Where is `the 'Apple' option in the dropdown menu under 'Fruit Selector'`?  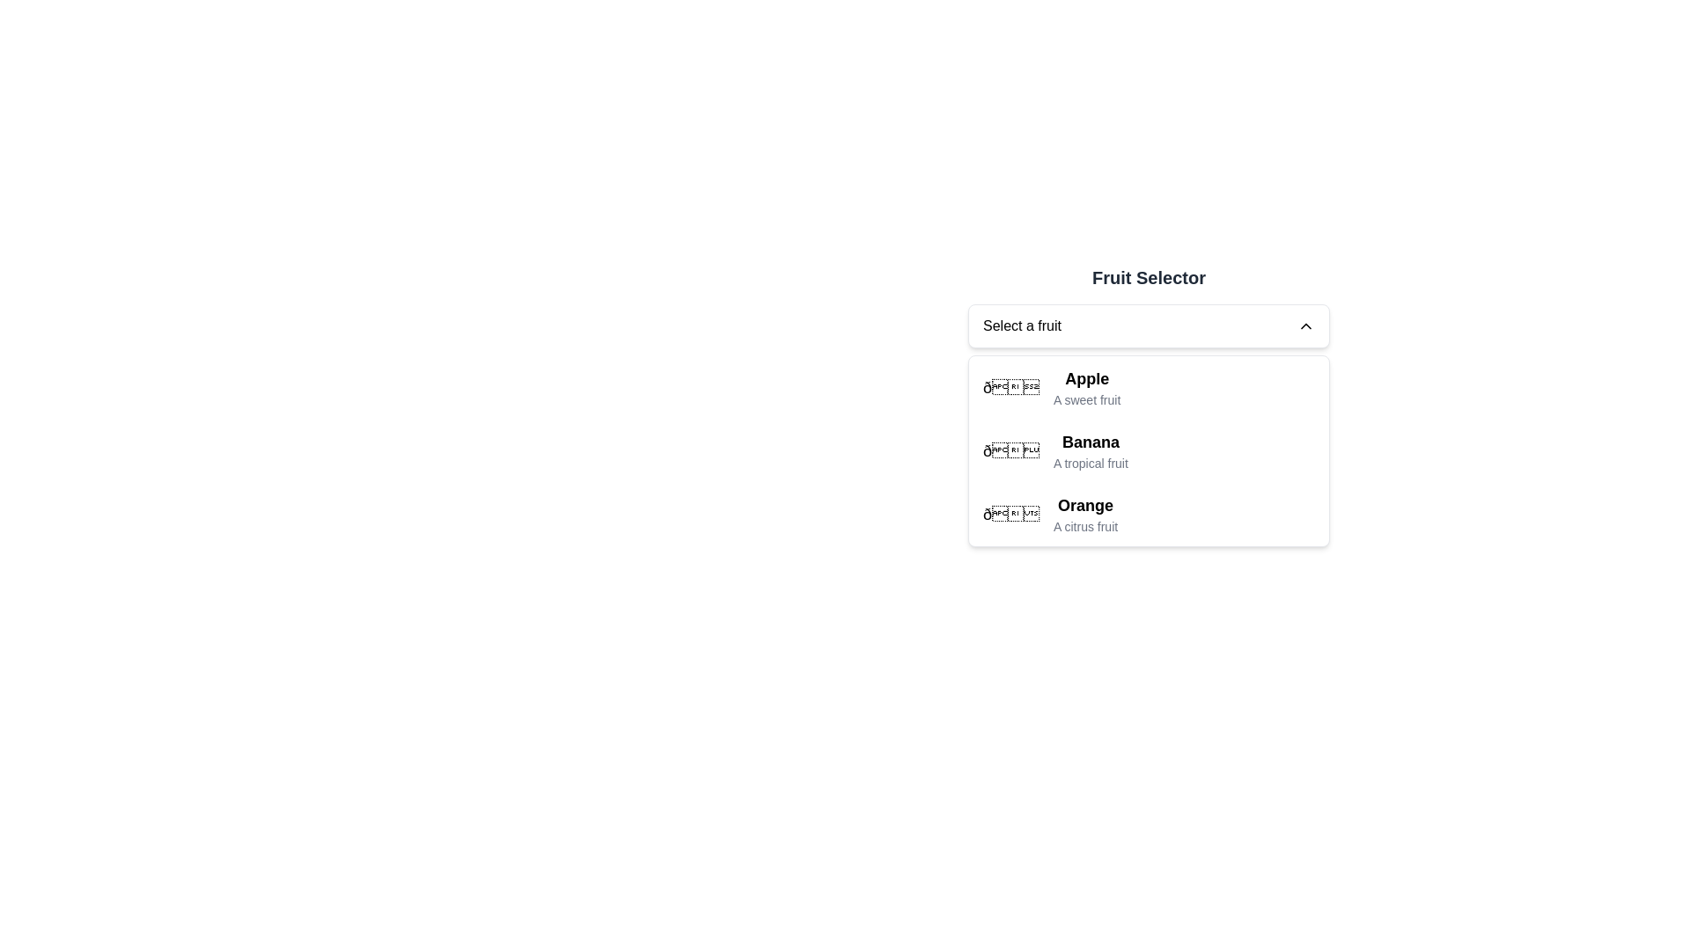 the 'Apple' option in the dropdown menu under 'Fruit Selector' is located at coordinates (1086, 378).